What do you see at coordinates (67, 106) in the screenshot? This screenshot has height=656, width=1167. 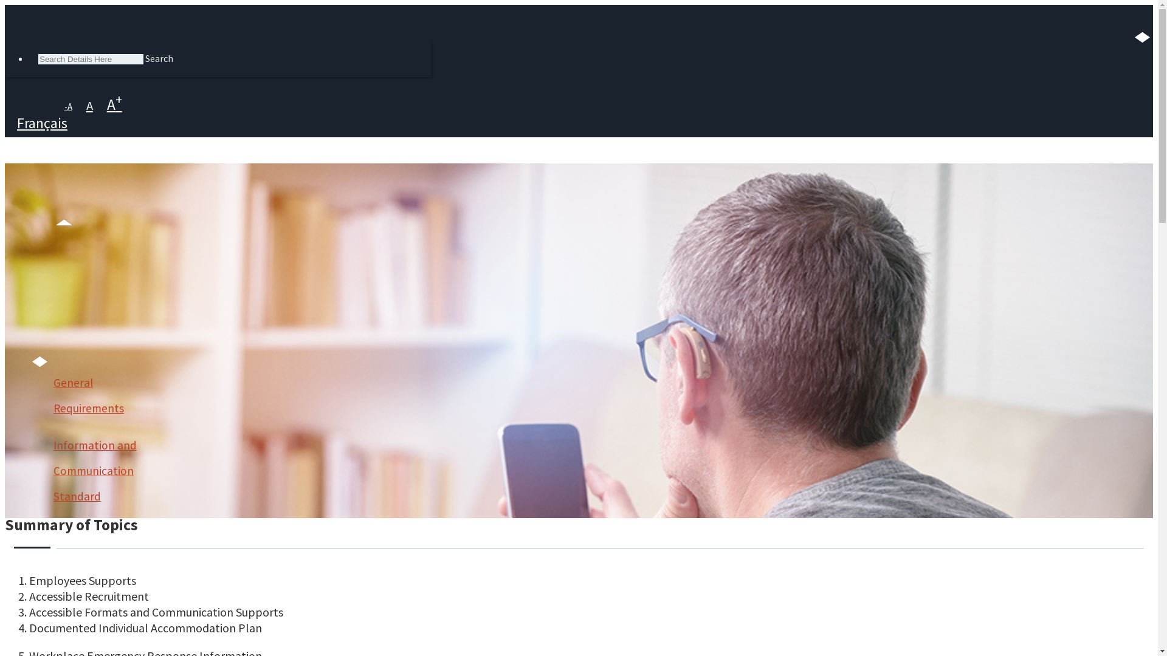 I see `'-A'` at bounding box center [67, 106].